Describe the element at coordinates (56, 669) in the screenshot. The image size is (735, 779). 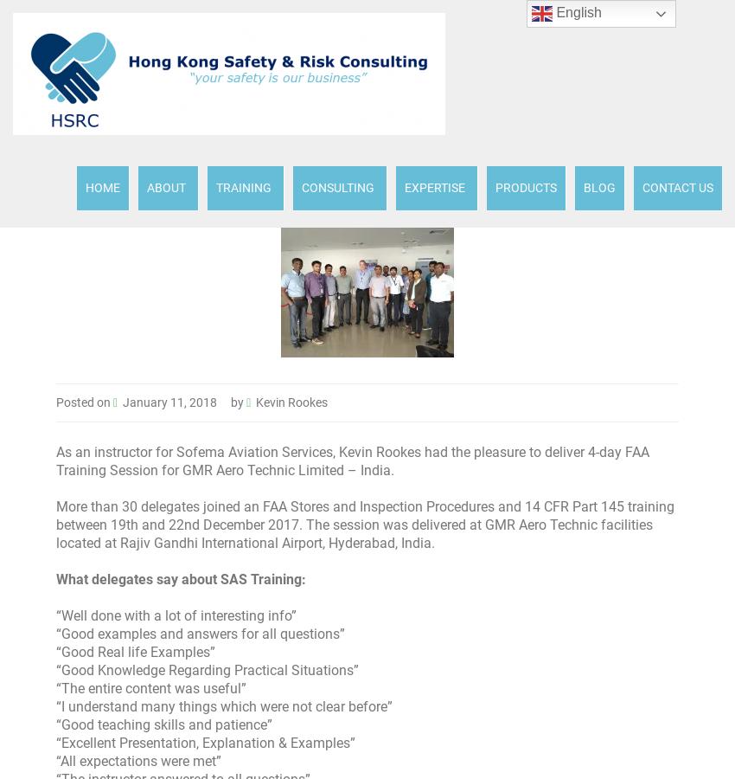
I see `'“Good Knowledge Regarding Practical Situations”'` at that location.